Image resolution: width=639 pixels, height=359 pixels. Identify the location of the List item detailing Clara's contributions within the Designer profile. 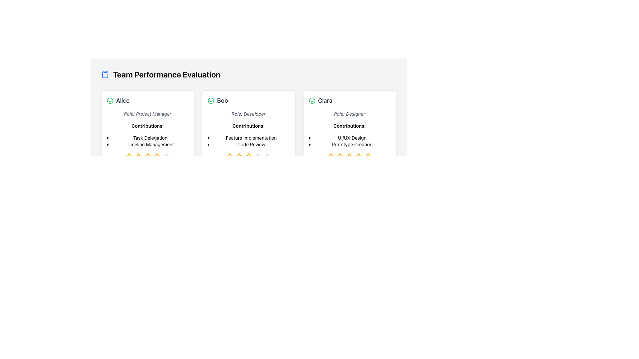
(352, 141).